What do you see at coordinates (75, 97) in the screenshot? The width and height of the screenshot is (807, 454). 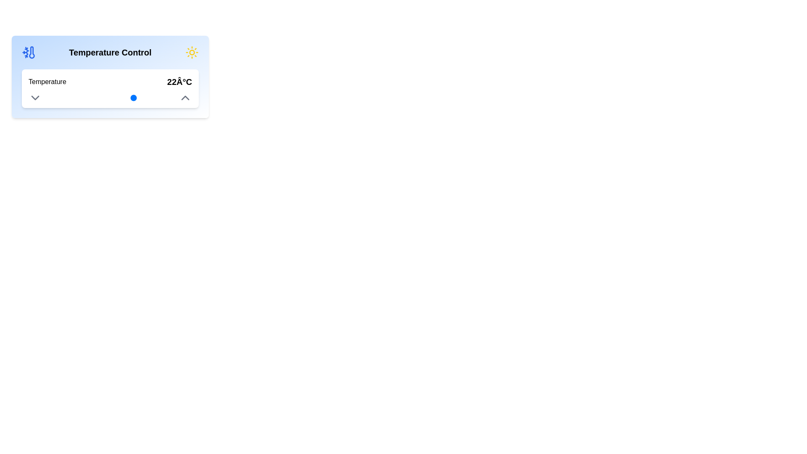 I see `the temperature` at bounding box center [75, 97].